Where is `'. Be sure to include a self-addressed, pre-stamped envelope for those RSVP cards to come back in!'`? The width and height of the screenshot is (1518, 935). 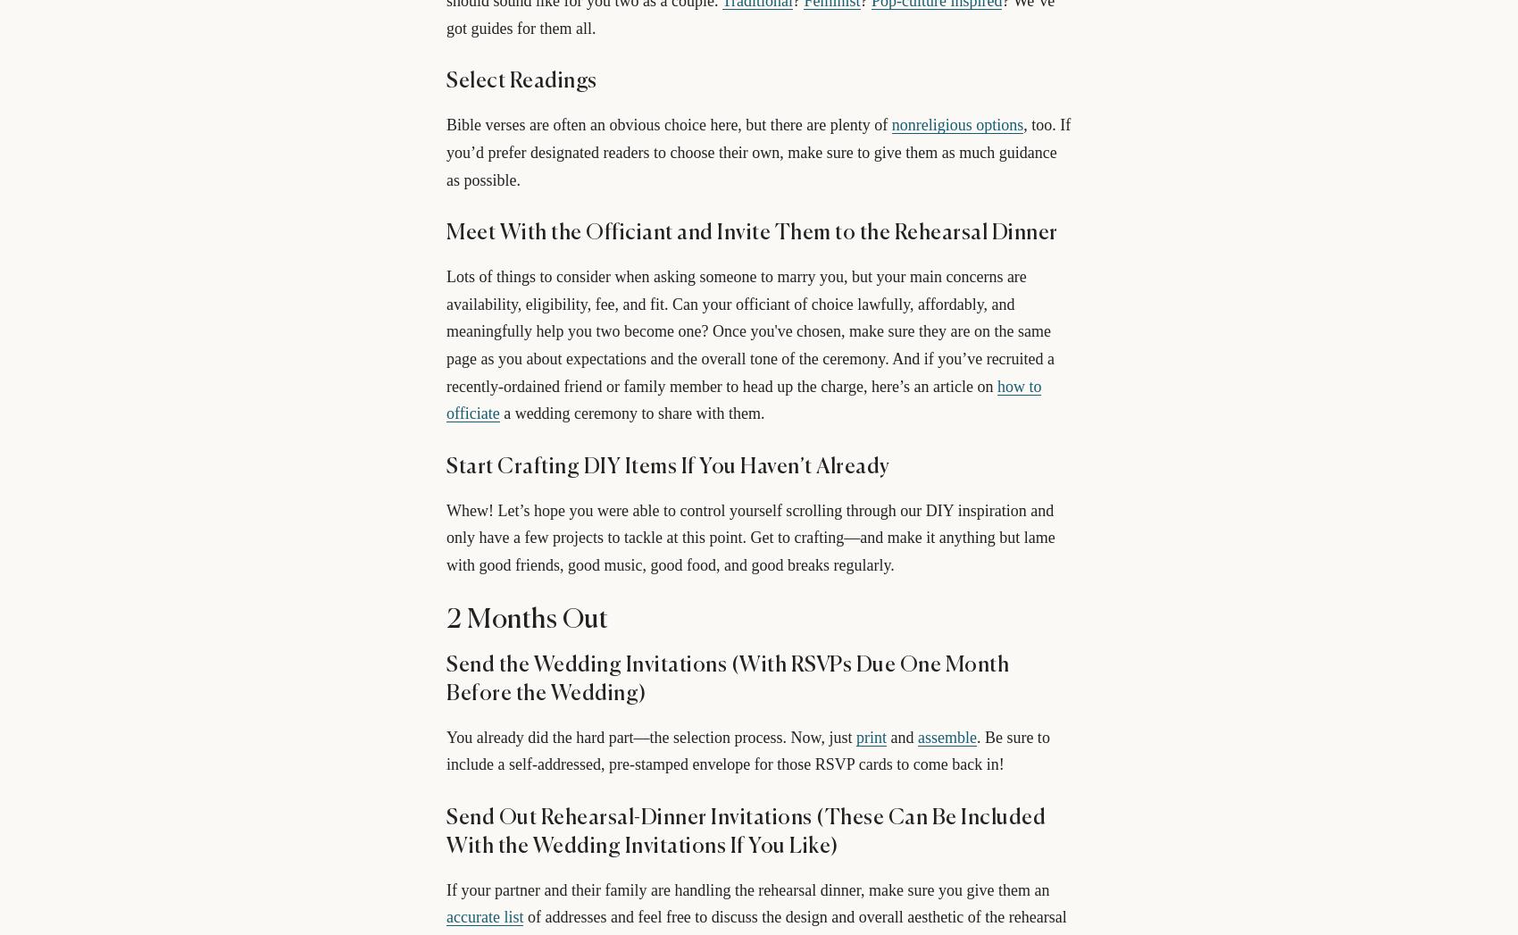
'. Be sure to include a self-addressed, pre-stamped envelope for those RSVP cards to come back in!' is located at coordinates (746, 750).